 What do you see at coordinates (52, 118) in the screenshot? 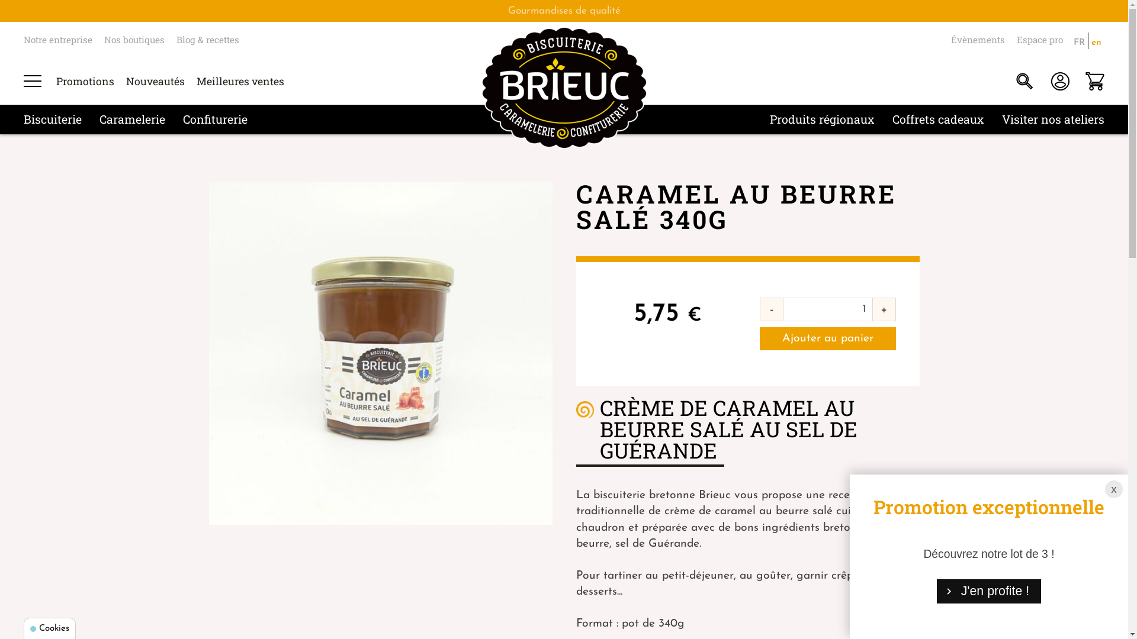
I see `'Biscuiterie'` at bounding box center [52, 118].